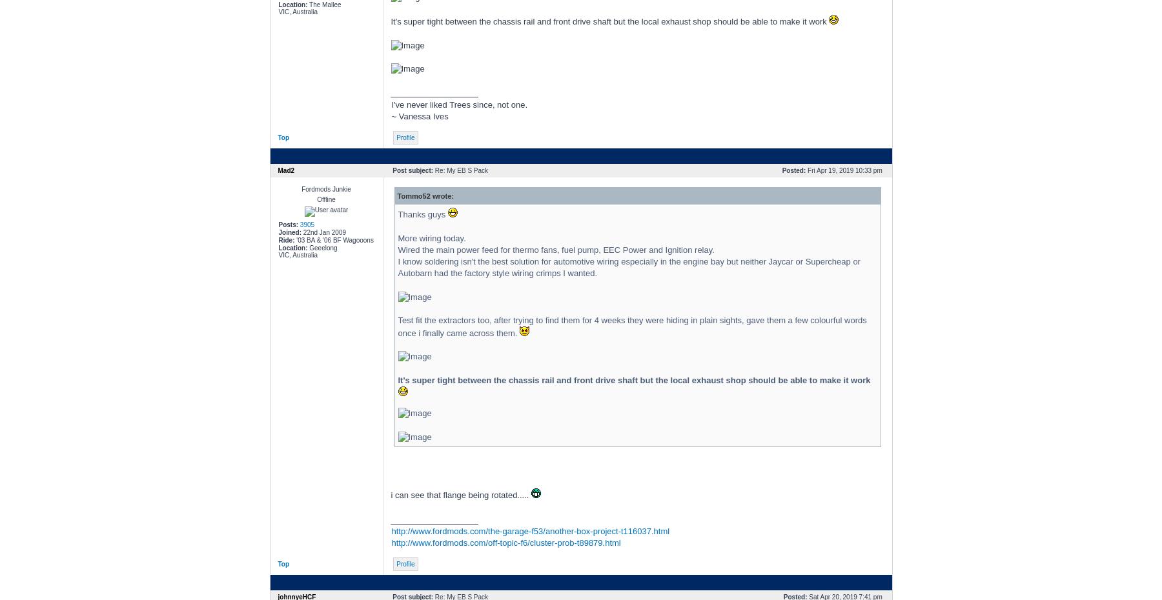 This screenshot has width=1162, height=600. What do you see at coordinates (306, 3) in the screenshot?
I see `'The Mallee'` at bounding box center [306, 3].